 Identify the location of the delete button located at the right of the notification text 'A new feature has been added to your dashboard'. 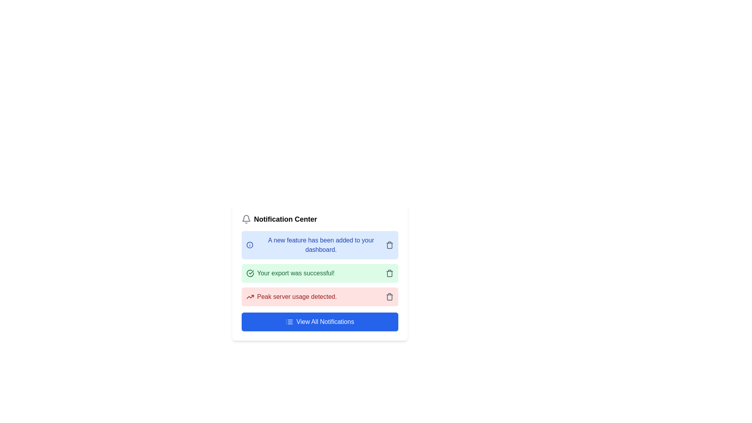
(389, 244).